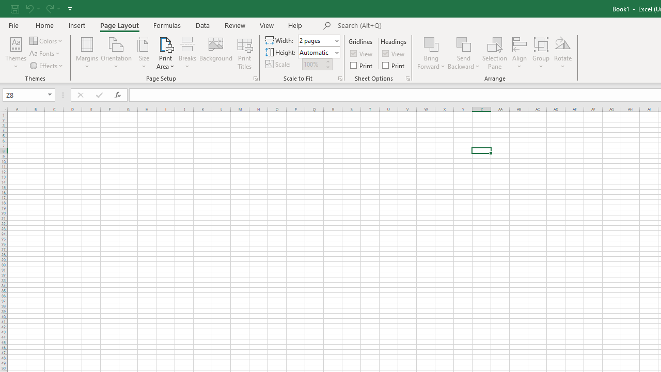  What do you see at coordinates (327, 61) in the screenshot?
I see `'More'` at bounding box center [327, 61].